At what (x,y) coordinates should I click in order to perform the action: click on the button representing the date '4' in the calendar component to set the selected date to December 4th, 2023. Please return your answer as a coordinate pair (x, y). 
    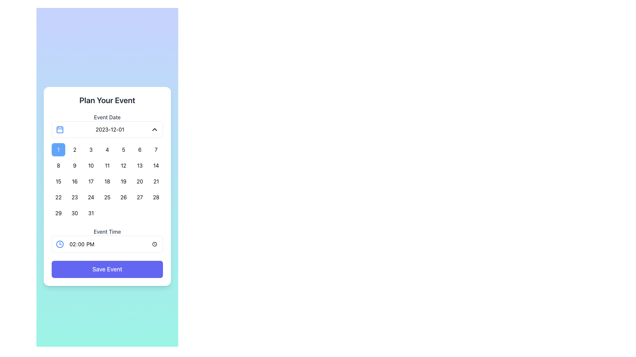
    Looking at the image, I should click on (107, 149).